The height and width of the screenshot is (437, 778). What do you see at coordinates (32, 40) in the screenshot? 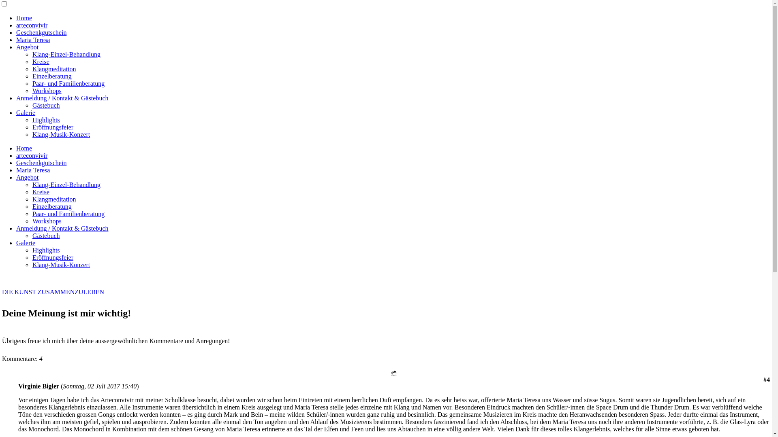
I see `'Maria Teresa'` at bounding box center [32, 40].